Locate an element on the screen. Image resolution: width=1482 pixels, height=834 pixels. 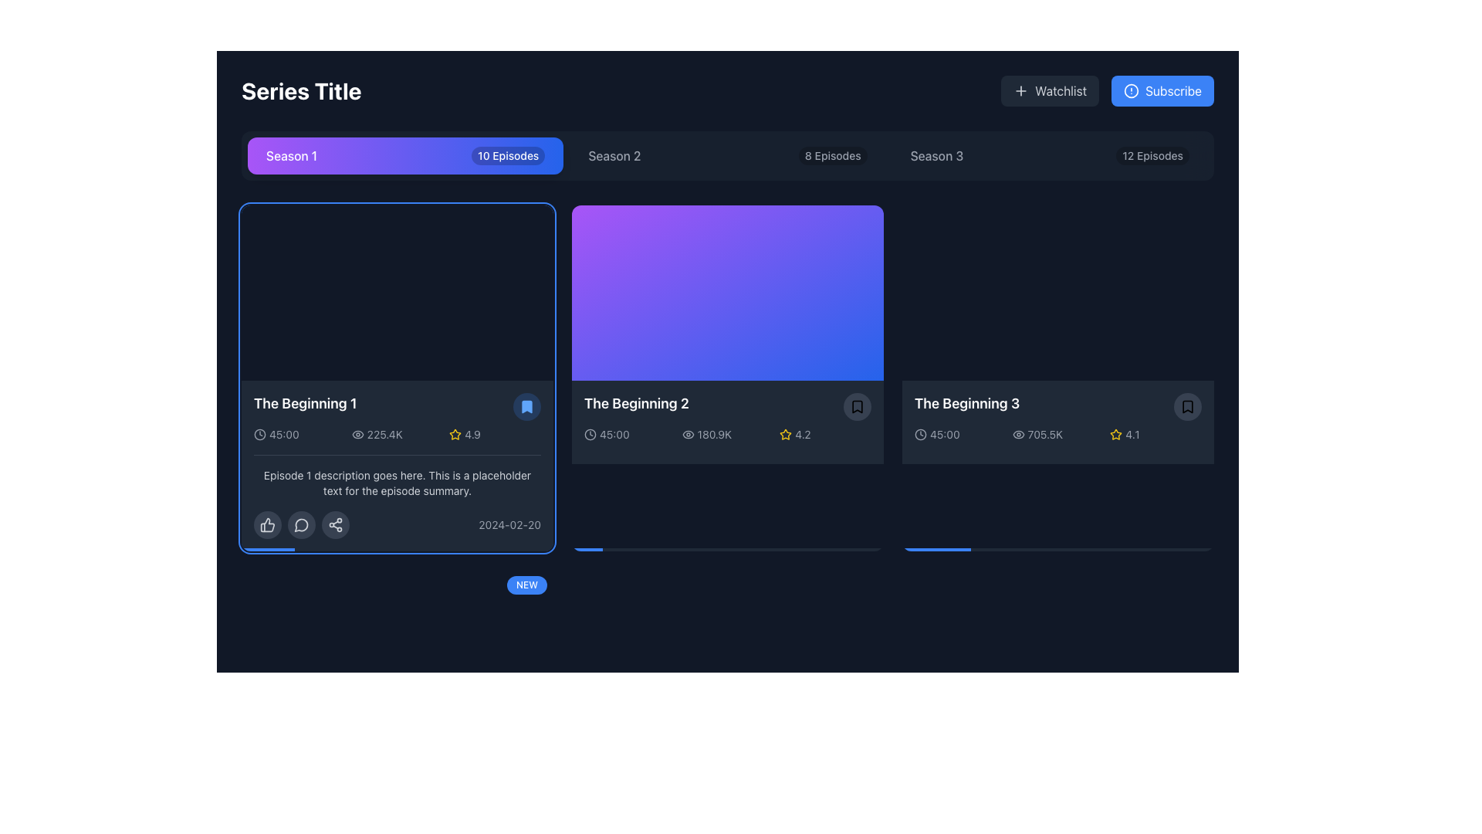
the bookmark button located at the top-right corner of the episode card, adjacent to 'The Beginning 1' text is located at coordinates (526, 406).